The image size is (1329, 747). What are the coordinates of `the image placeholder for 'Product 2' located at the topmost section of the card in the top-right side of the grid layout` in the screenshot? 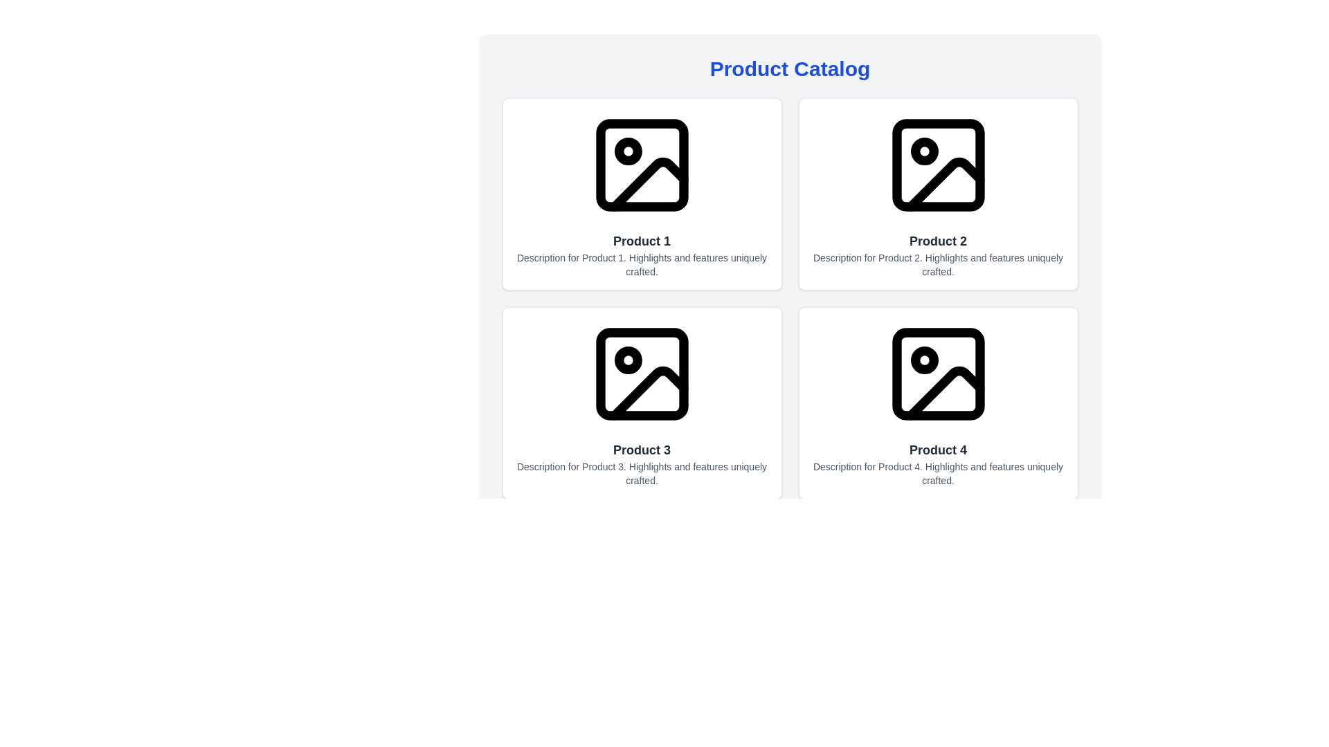 It's located at (938, 165).